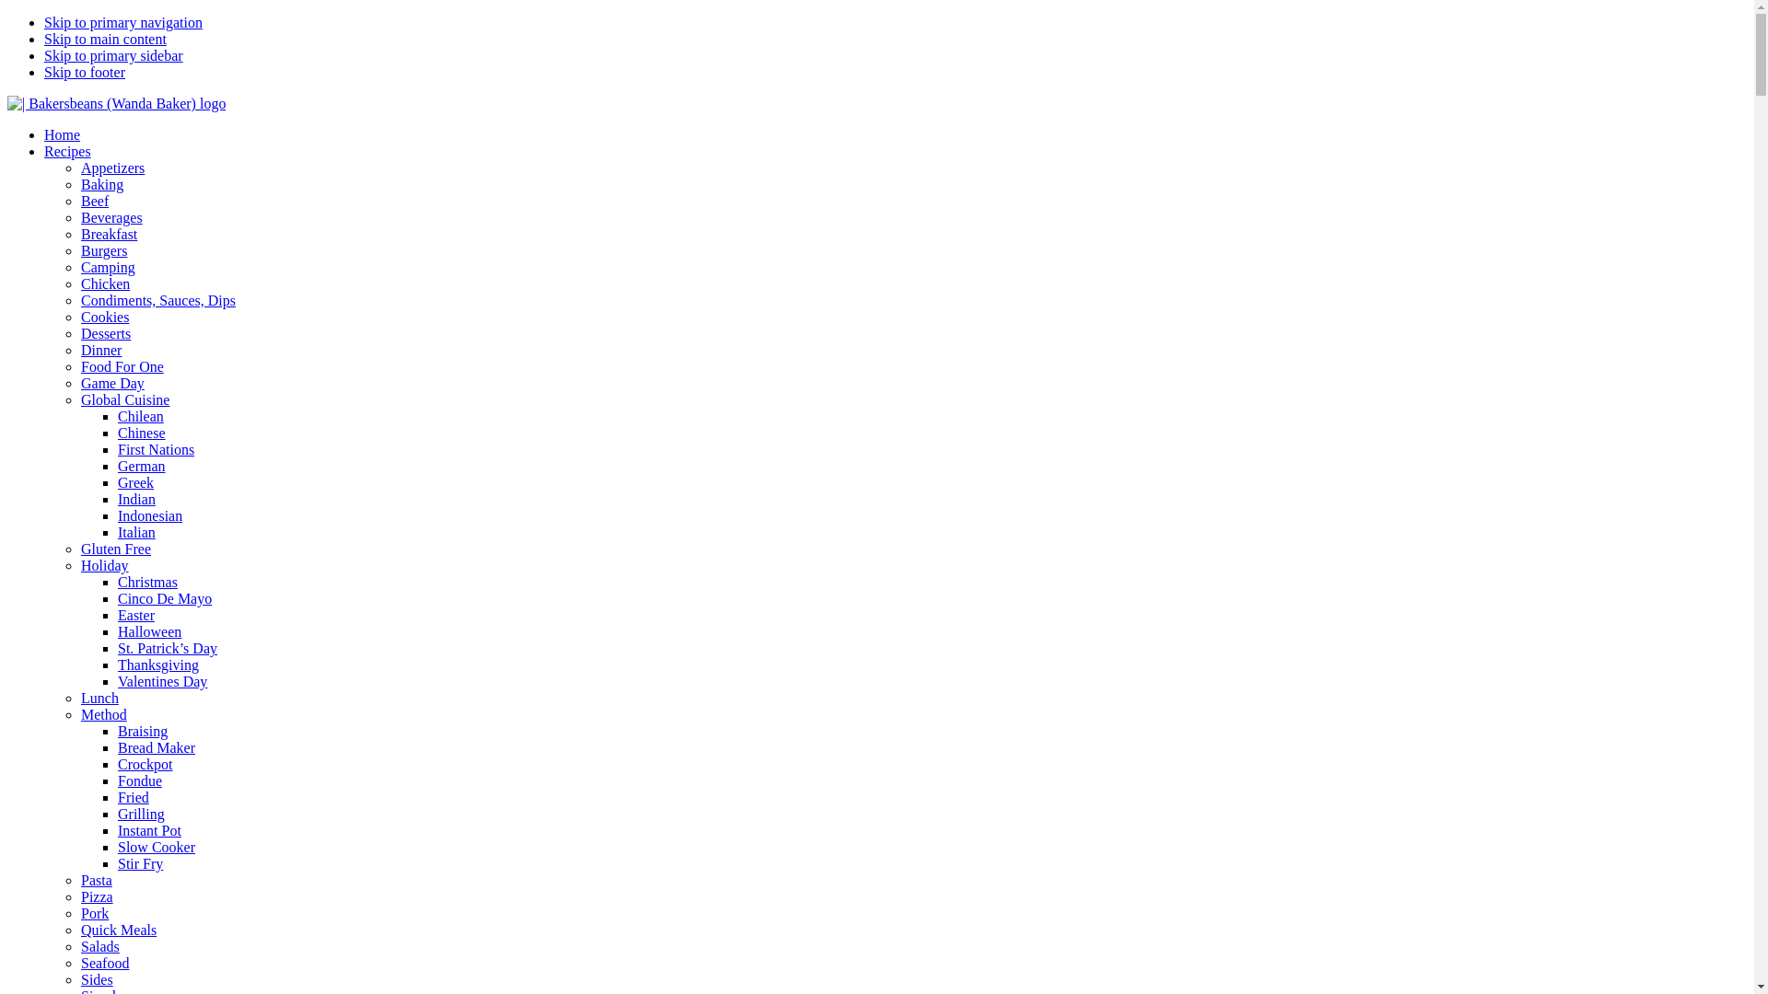 The width and height of the screenshot is (1768, 994). What do you see at coordinates (112, 54) in the screenshot?
I see `'Skip to primary sidebar'` at bounding box center [112, 54].